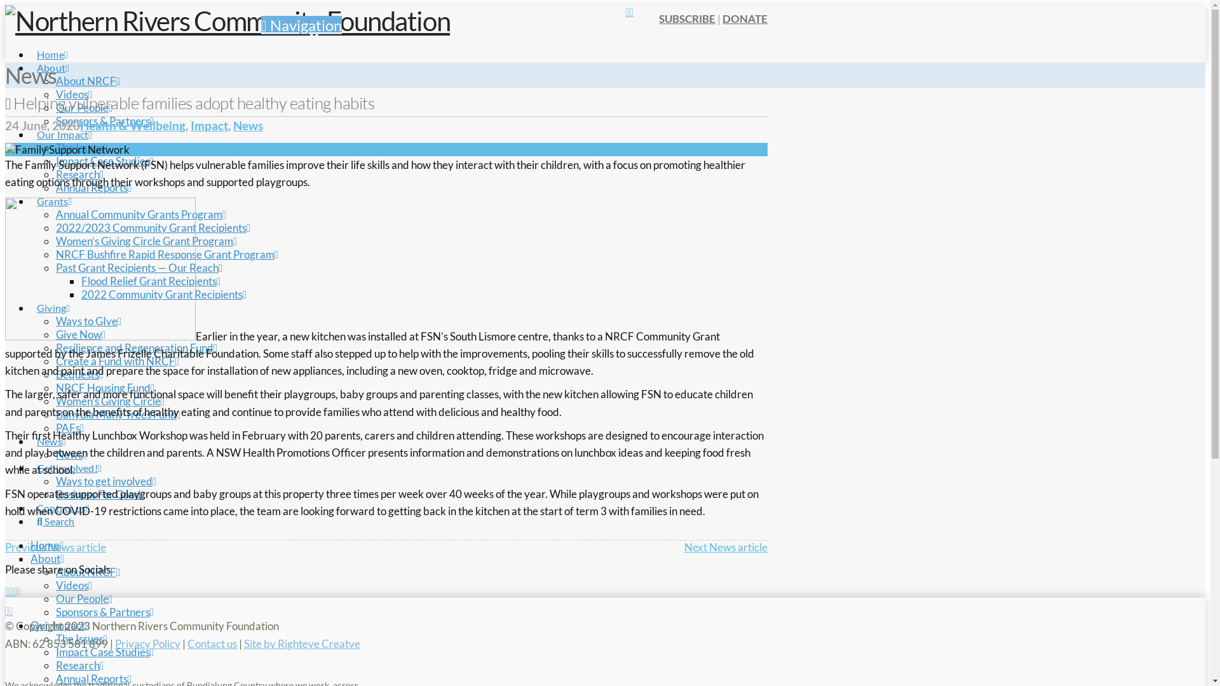 This screenshot has height=686, width=1220. Describe the element at coordinates (48, 558) in the screenshot. I see `'About'` at that location.